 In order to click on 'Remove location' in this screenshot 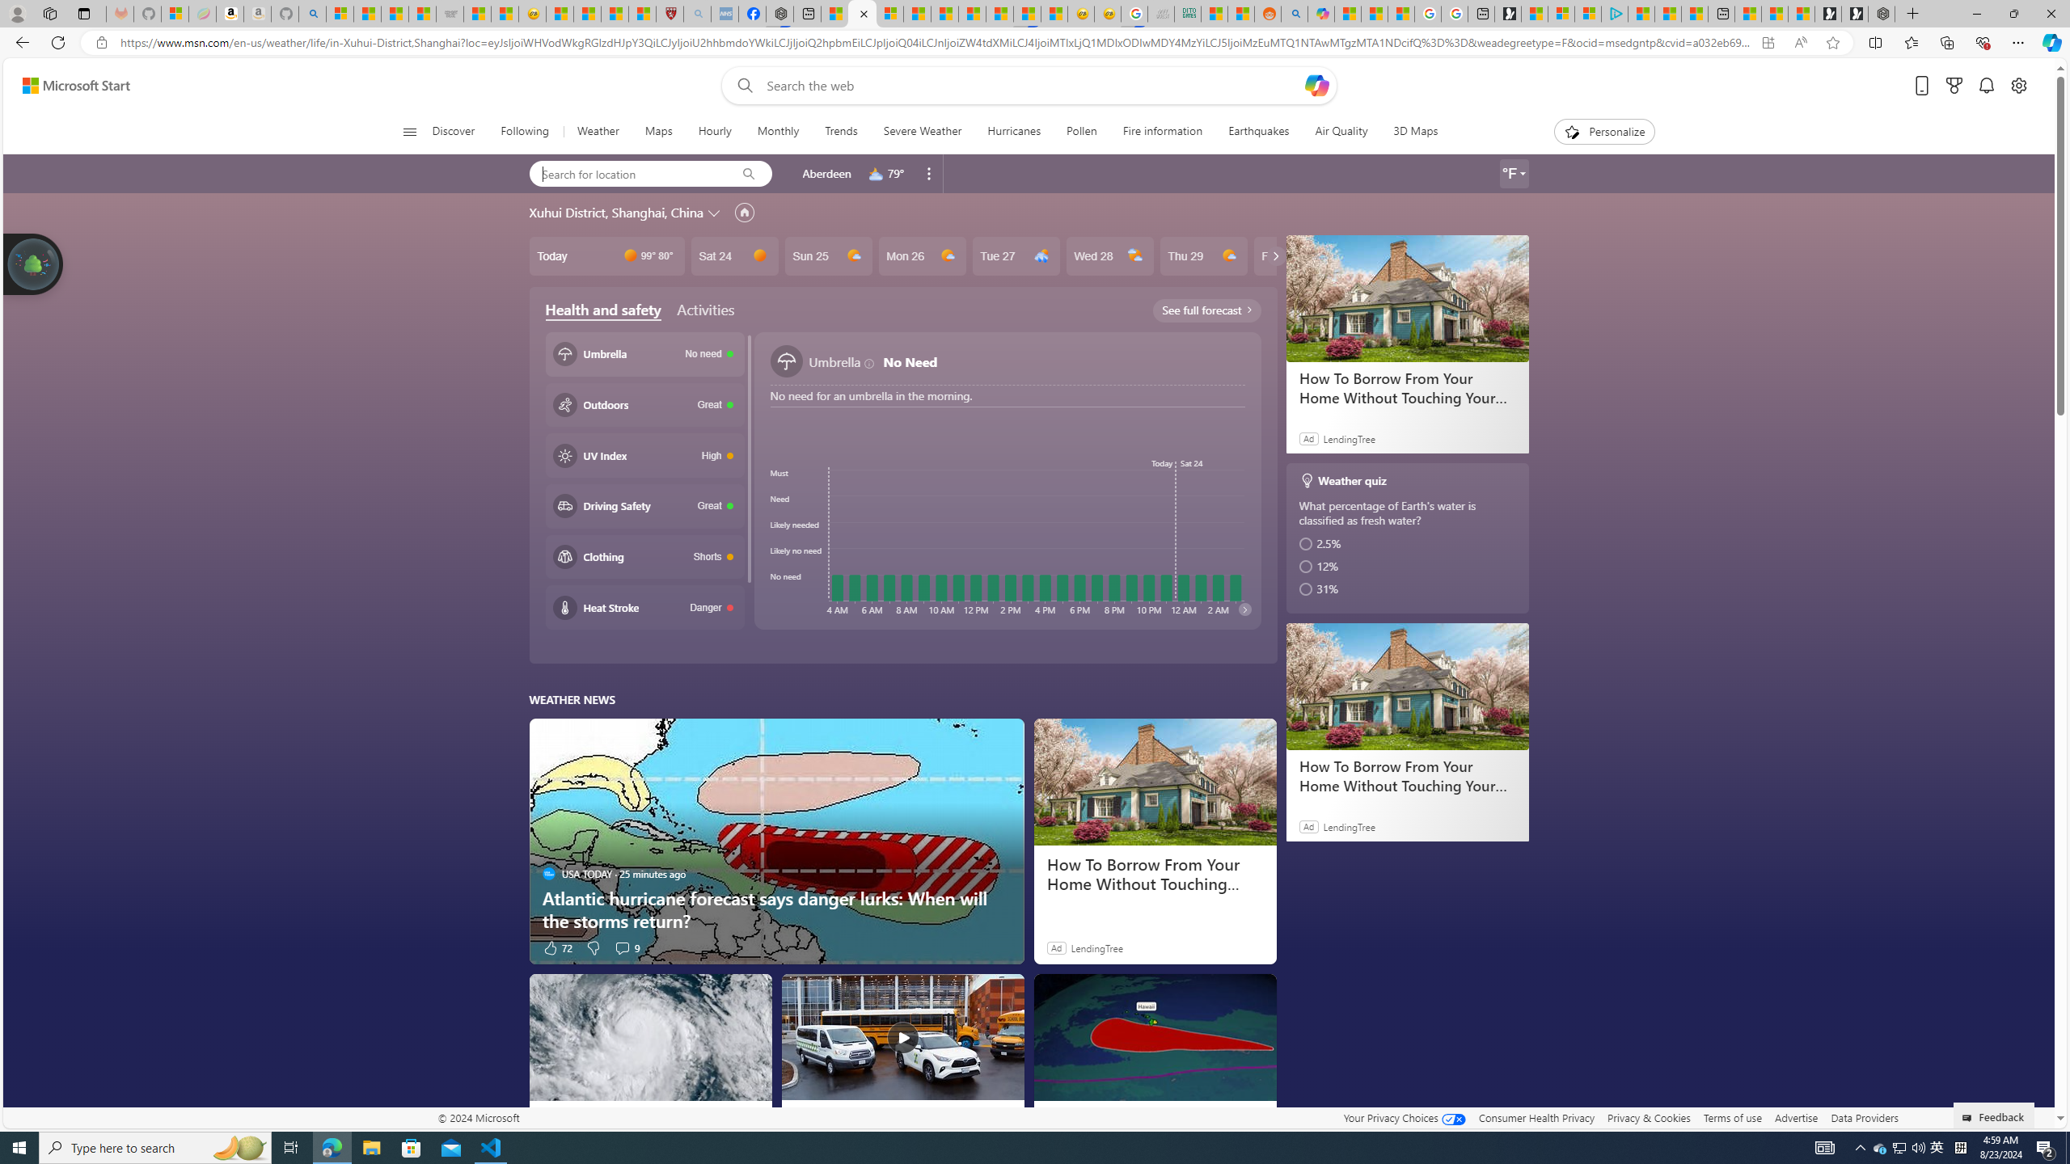, I will do `click(929, 173)`.